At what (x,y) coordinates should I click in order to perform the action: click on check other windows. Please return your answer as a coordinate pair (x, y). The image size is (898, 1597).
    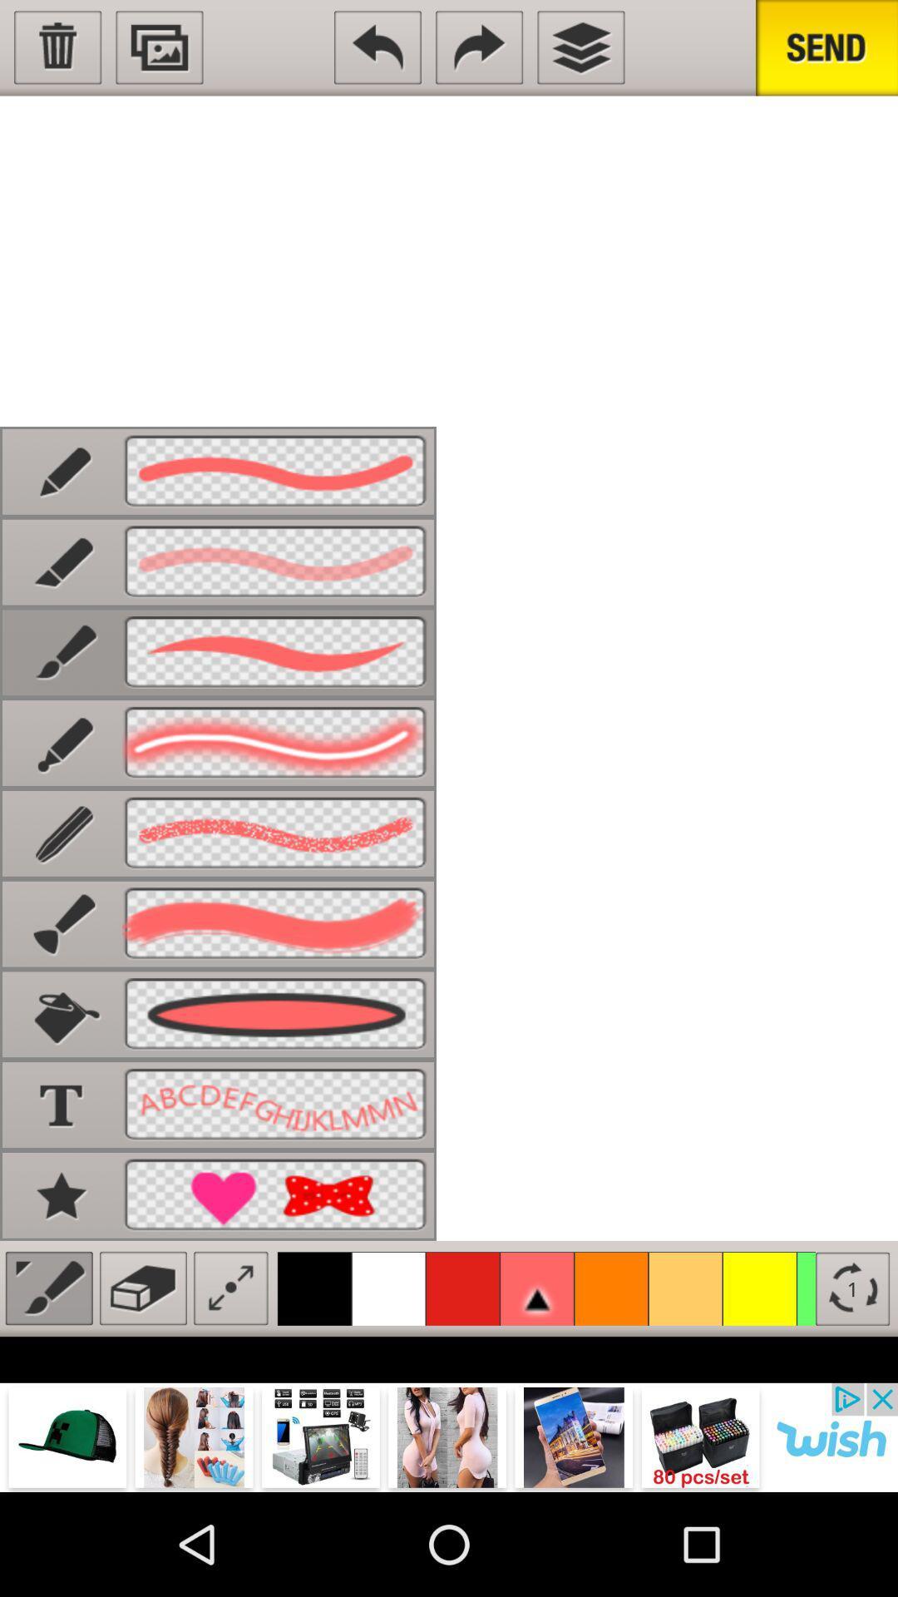
    Looking at the image, I should click on (580, 47).